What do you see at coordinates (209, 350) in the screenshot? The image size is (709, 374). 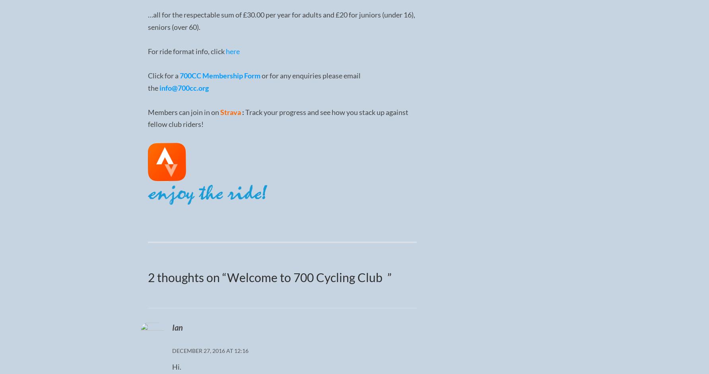 I see `'December 27, 2016 at 12:16'` at bounding box center [209, 350].